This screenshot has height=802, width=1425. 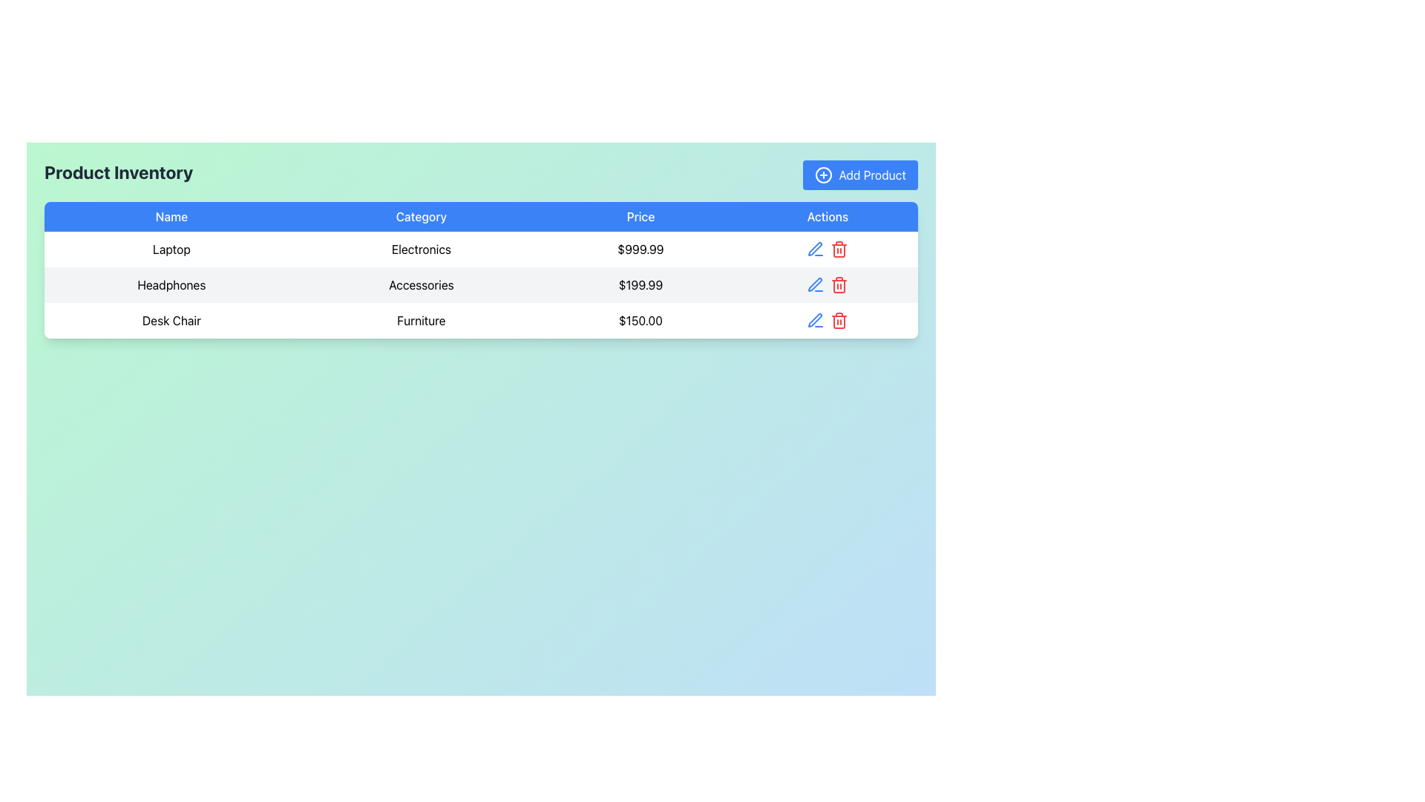 What do you see at coordinates (839, 285) in the screenshot?
I see `the delete button located in the Actions column of the second row, which is associated with the product entry 'Headphones', to initiate the delete action` at bounding box center [839, 285].